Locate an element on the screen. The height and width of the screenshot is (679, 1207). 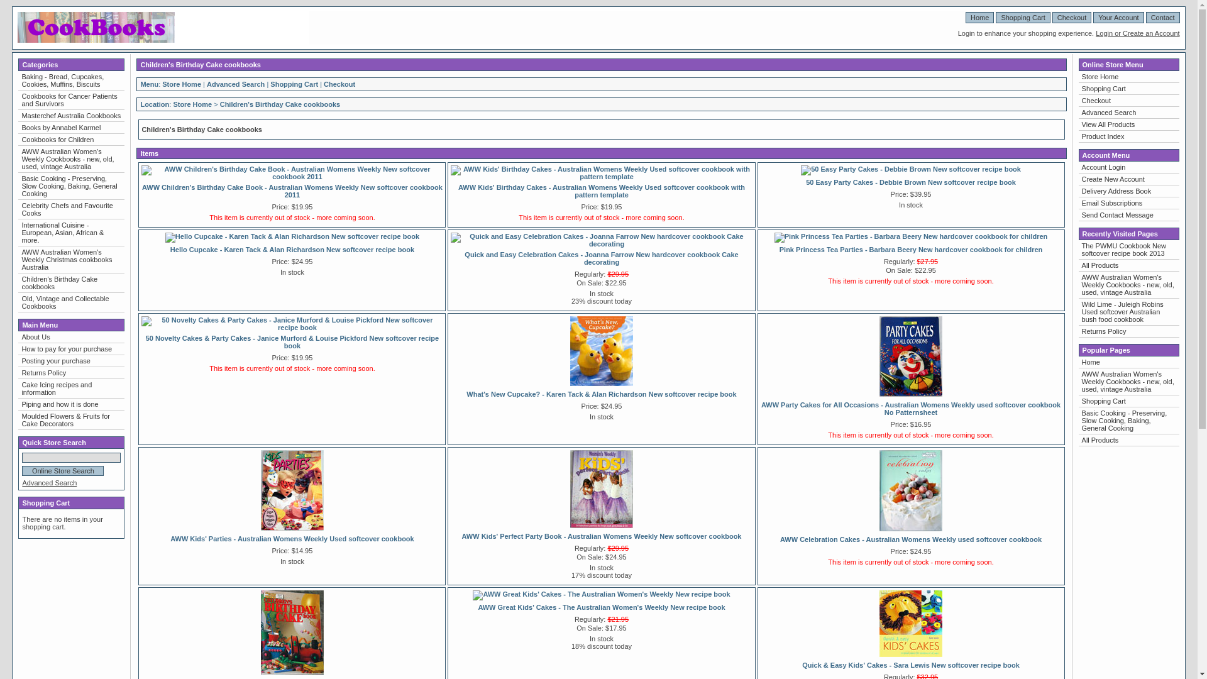
'Login or Create an Account' is located at coordinates (1137, 33).